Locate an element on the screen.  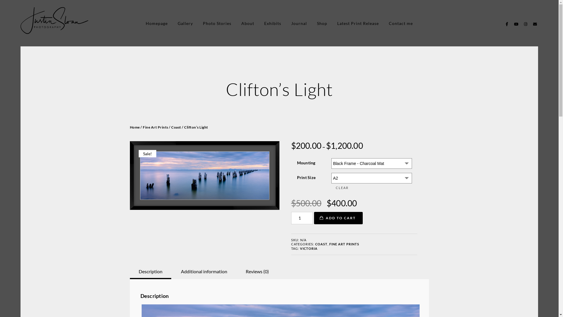
'VICTORIA' is located at coordinates (300, 248).